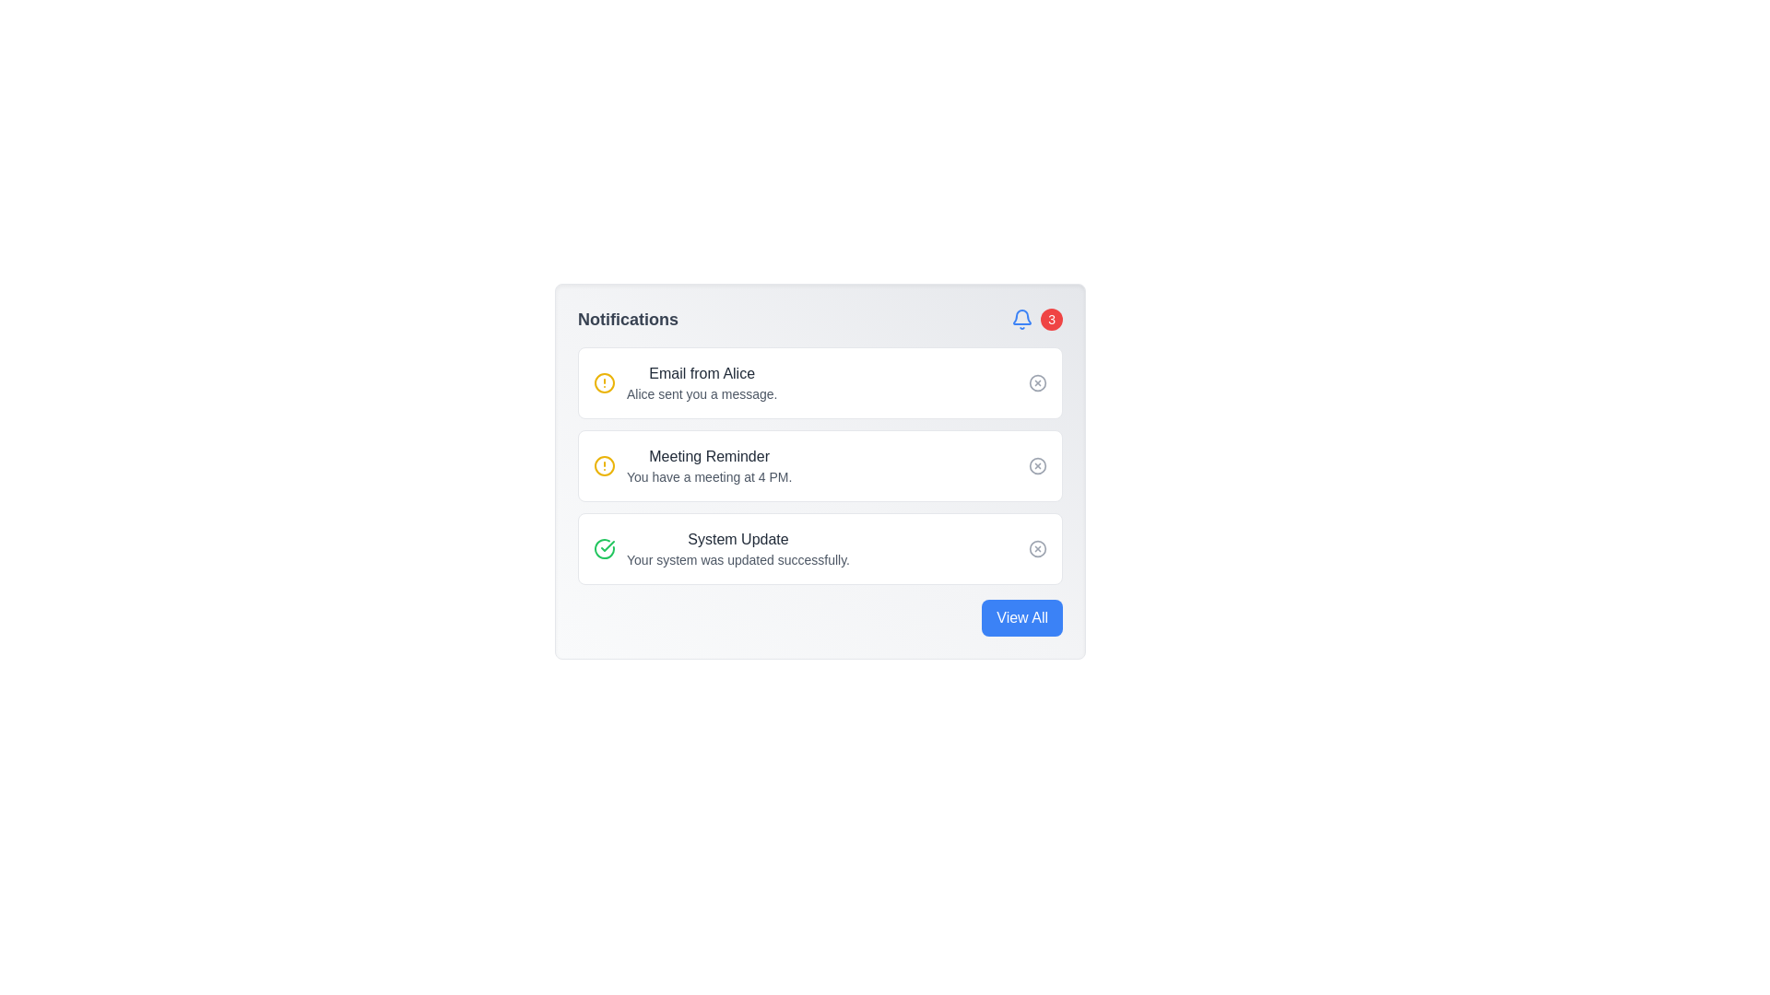  I want to click on the third notification item in the vertically stacked notification card that informs the user of a successful system update, so click(720, 548).